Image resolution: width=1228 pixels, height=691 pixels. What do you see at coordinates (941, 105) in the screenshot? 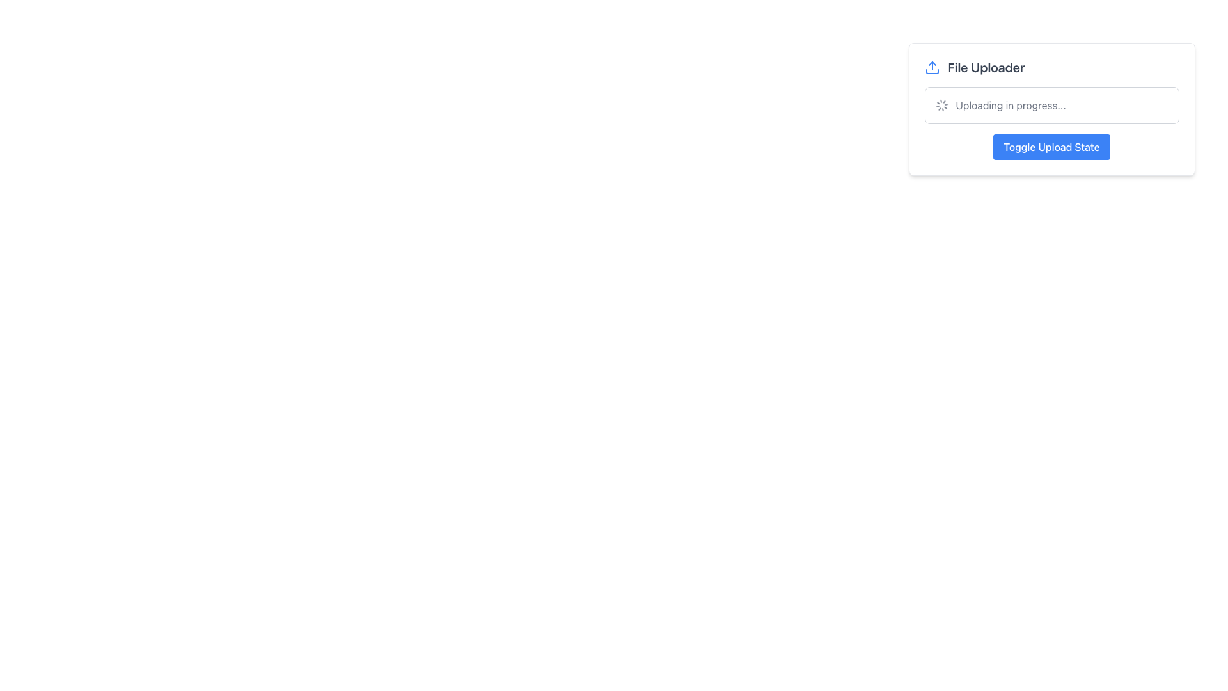
I see `the small circular spinner icon of the Loading Indicator, located to the left of the text 'Uploading in progress...' in the 'File Uploader' pop-up box` at bounding box center [941, 105].